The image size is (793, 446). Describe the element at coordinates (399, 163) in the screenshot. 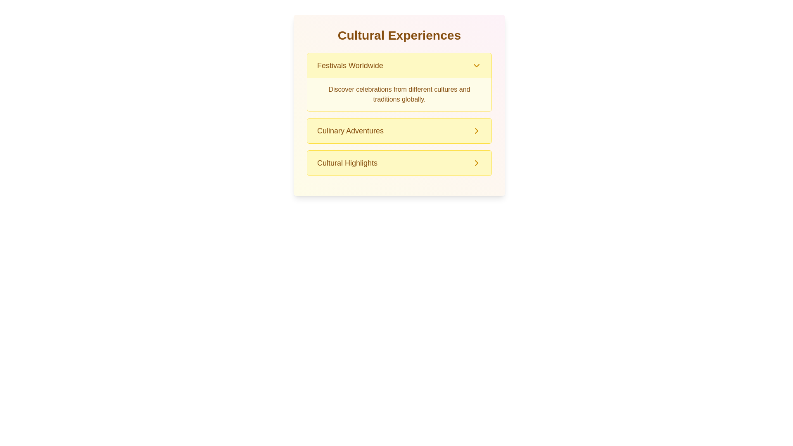

I see `the third interactive navigation item in the 'Cultural Experiences' section` at that location.